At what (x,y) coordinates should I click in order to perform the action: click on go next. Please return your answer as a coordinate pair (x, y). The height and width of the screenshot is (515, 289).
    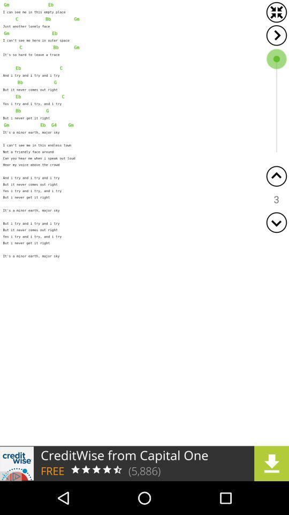
    Looking at the image, I should click on (276, 35).